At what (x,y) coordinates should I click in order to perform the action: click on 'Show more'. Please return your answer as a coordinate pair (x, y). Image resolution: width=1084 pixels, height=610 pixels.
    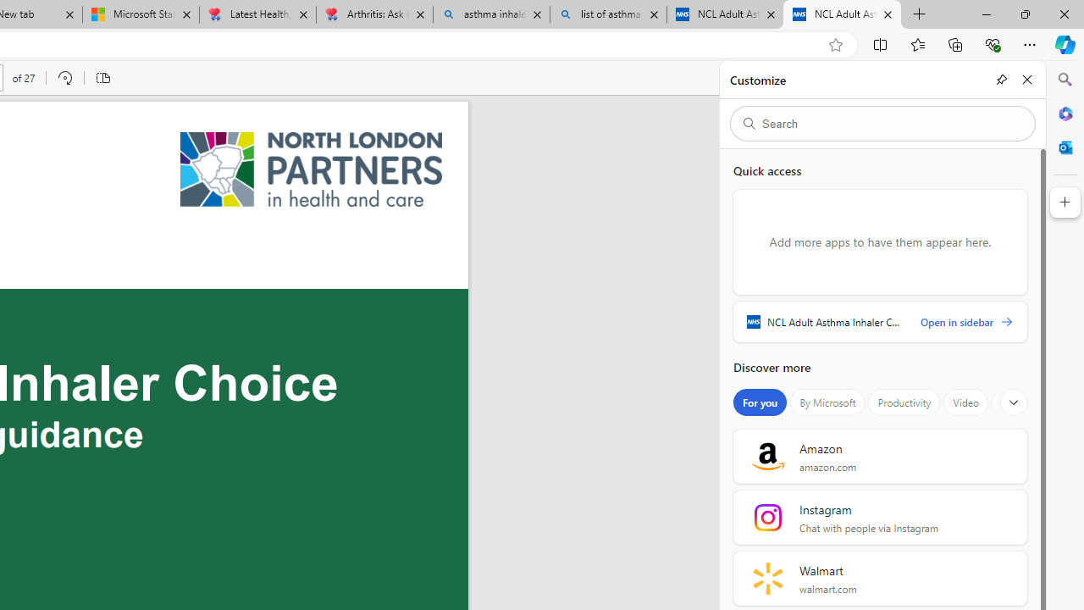
    Looking at the image, I should click on (1014, 402).